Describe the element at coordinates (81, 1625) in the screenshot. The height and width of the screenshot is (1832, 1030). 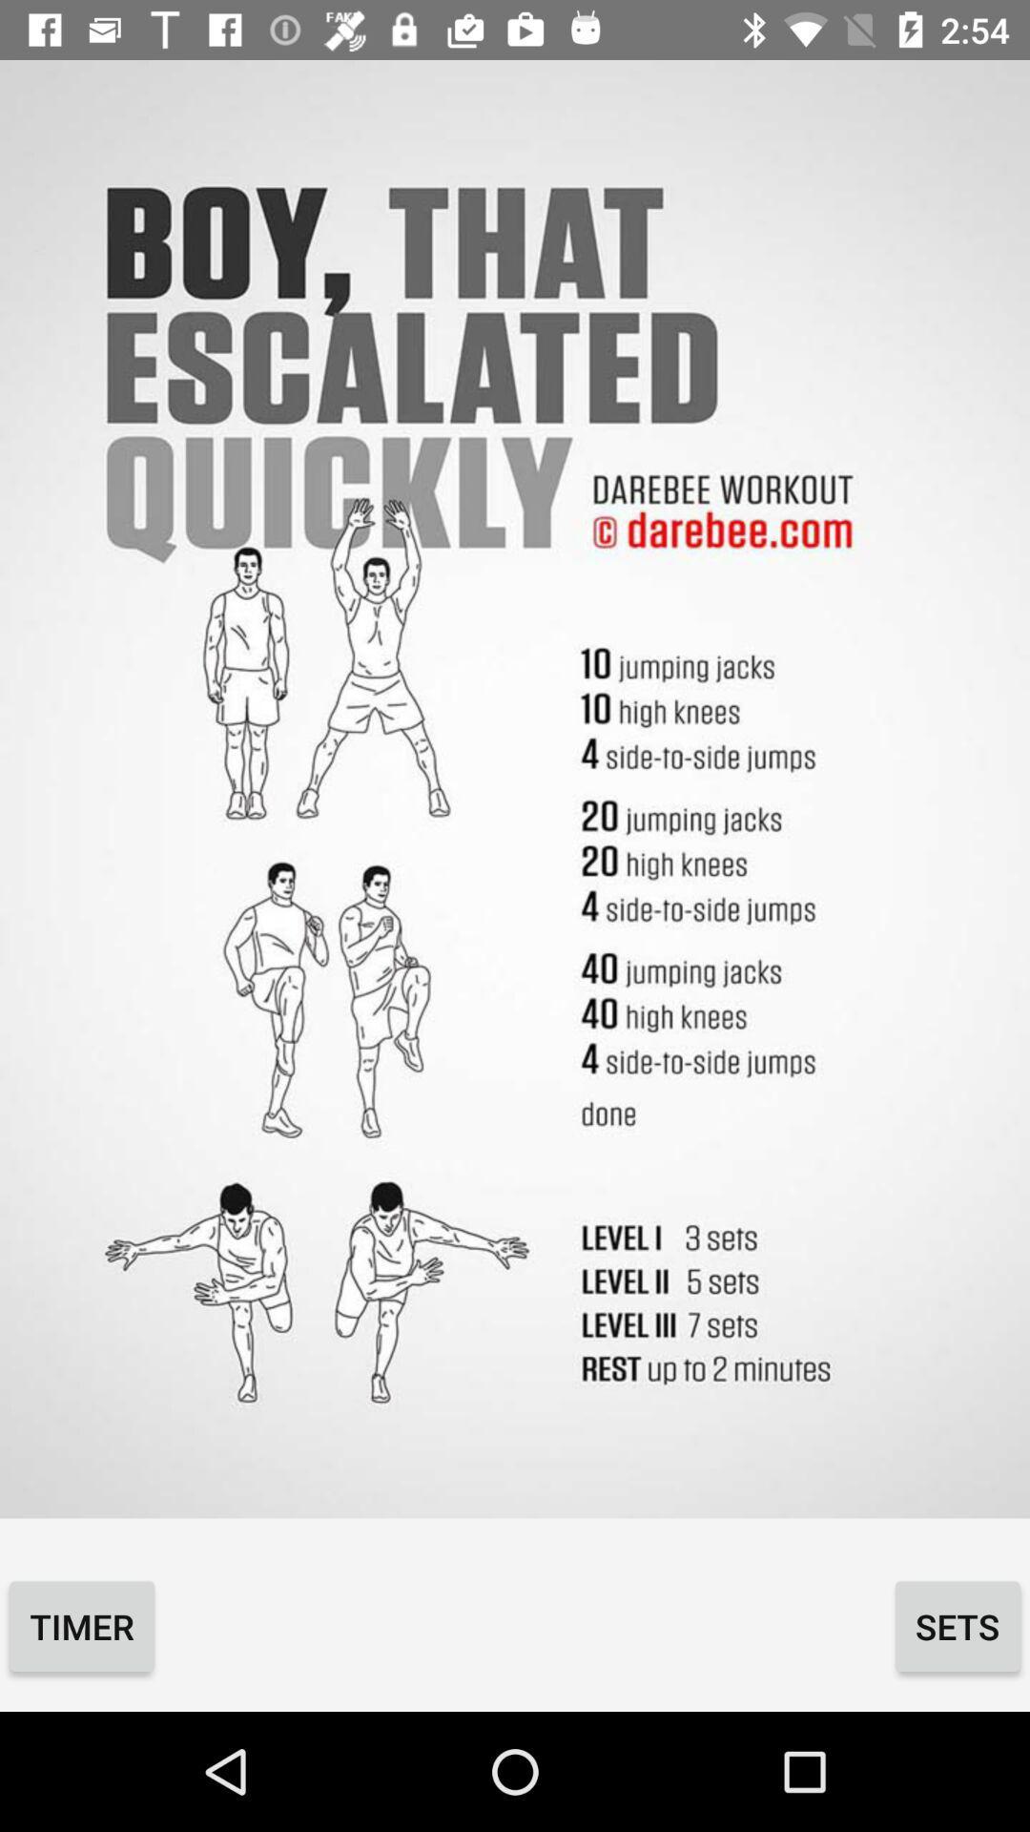
I see `the timer` at that location.